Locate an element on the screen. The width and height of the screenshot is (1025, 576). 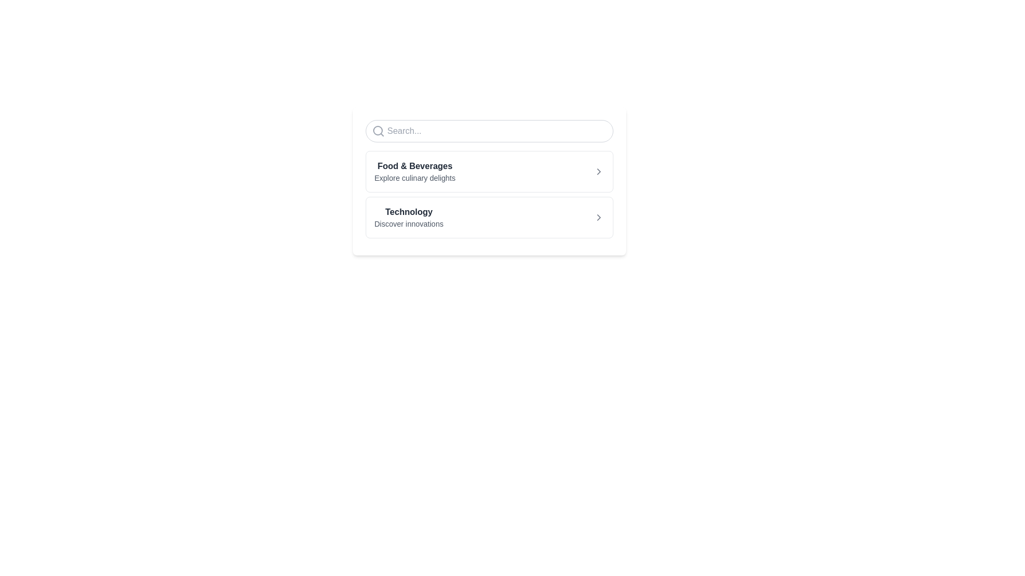
text displayed in the bold, dark gray font labeled 'Technology', which is the first line in the second item of a vertical list of categories below the 'Food & Beverages' header is located at coordinates (408, 212).